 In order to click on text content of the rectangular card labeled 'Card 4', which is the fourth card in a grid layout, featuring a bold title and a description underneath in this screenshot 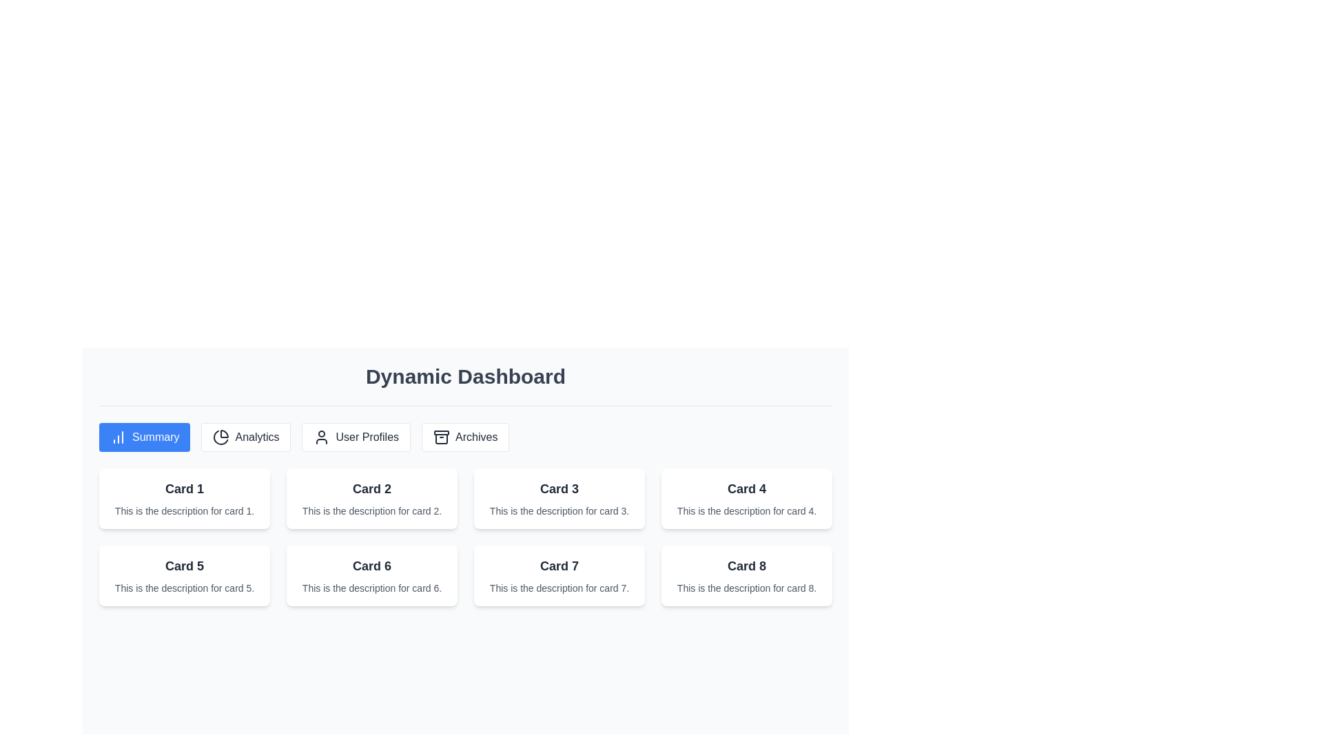, I will do `click(746, 499)`.